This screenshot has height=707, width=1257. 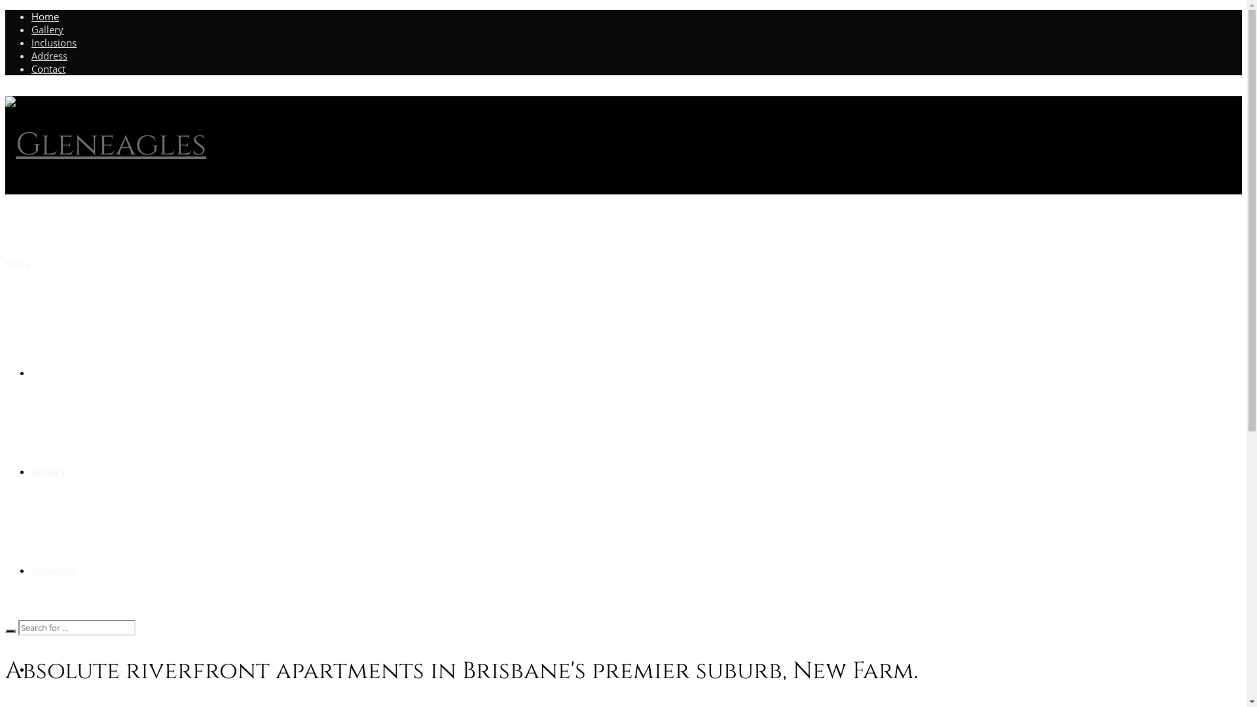 I want to click on 'Address', so click(x=50, y=669).